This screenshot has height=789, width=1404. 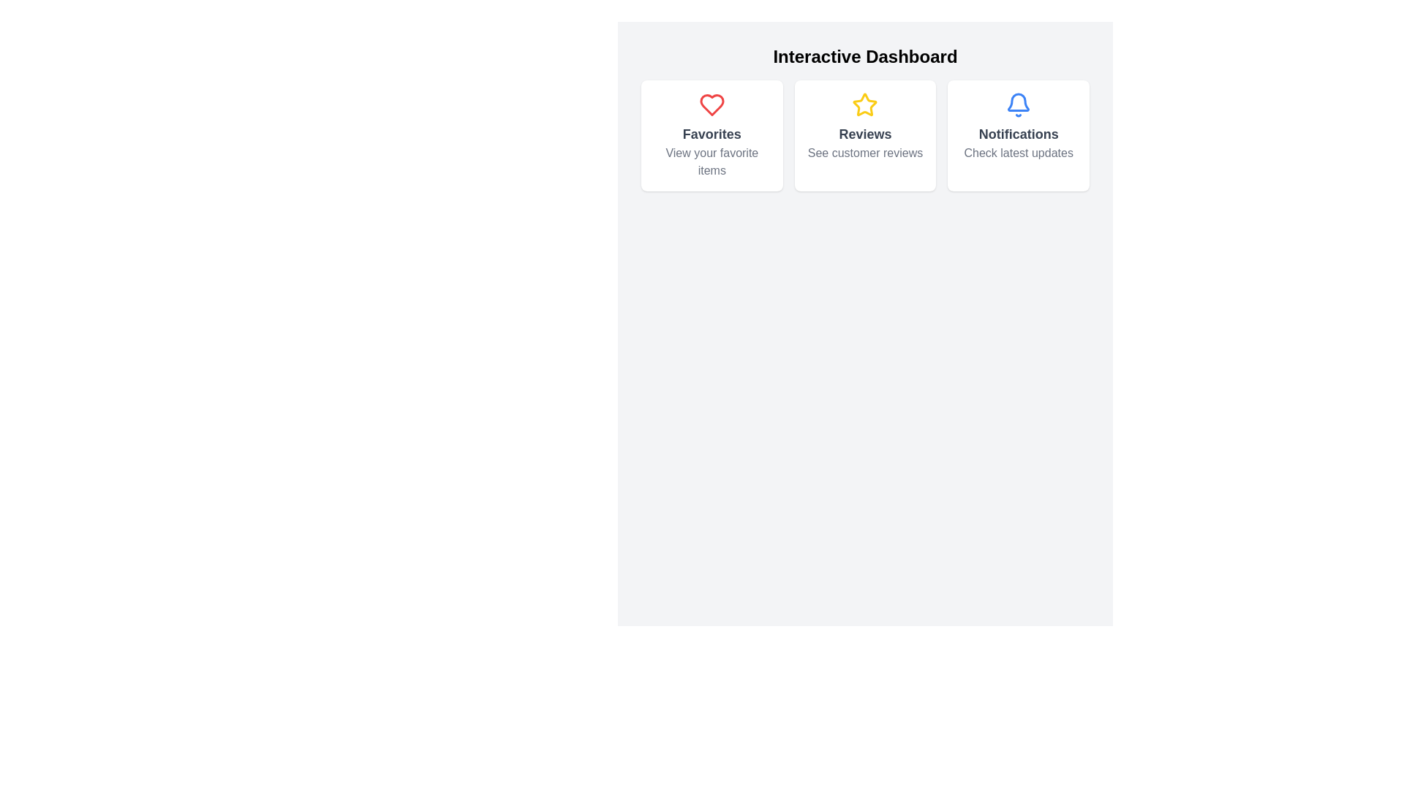 What do you see at coordinates (865, 153) in the screenshot?
I see `the text label displaying 'See customer reviews' with a gray font, located centrally within the 'Reviews' card under the 'Interactive Dashboard'` at bounding box center [865, 153].